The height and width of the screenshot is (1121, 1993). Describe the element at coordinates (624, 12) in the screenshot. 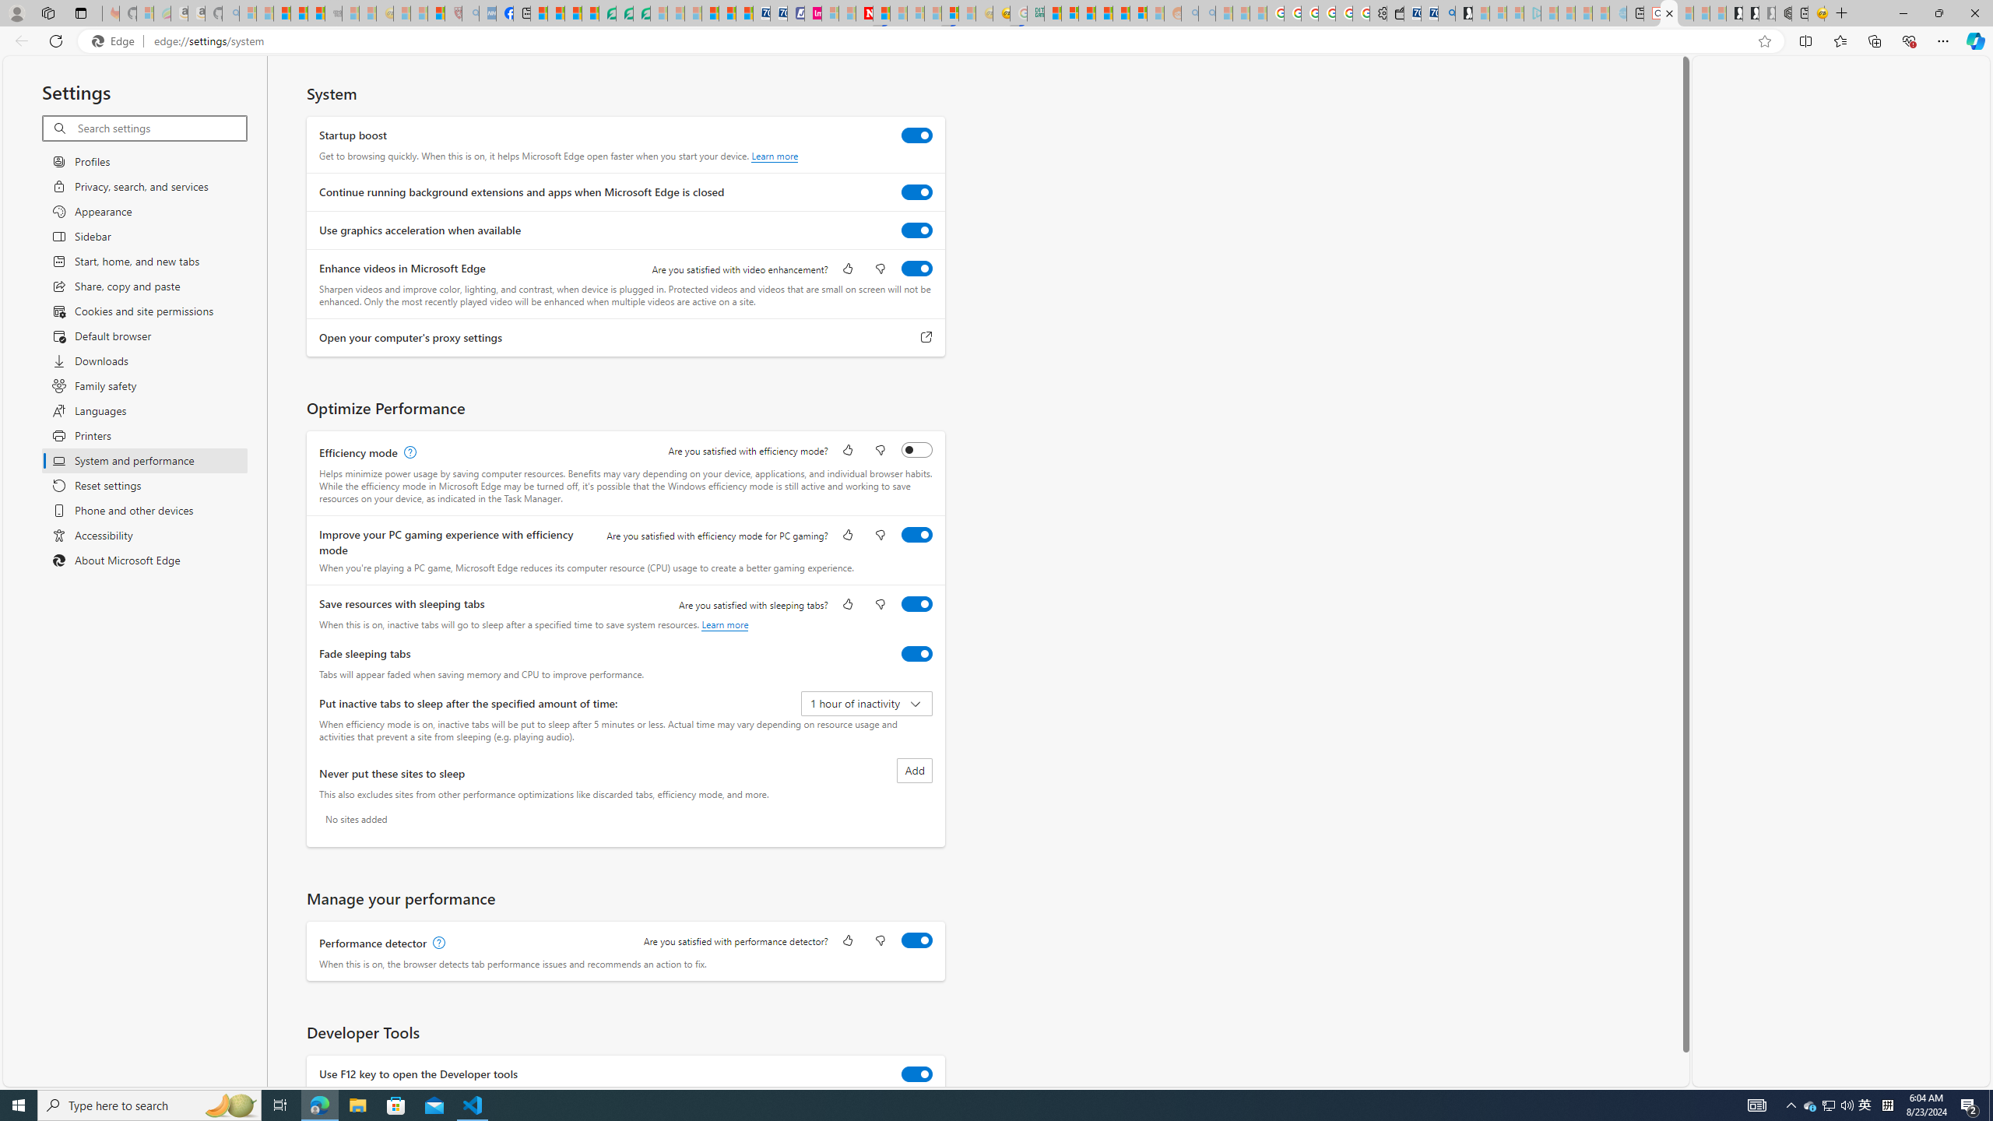

I see `'Terms of Use Agreement'` at that location.